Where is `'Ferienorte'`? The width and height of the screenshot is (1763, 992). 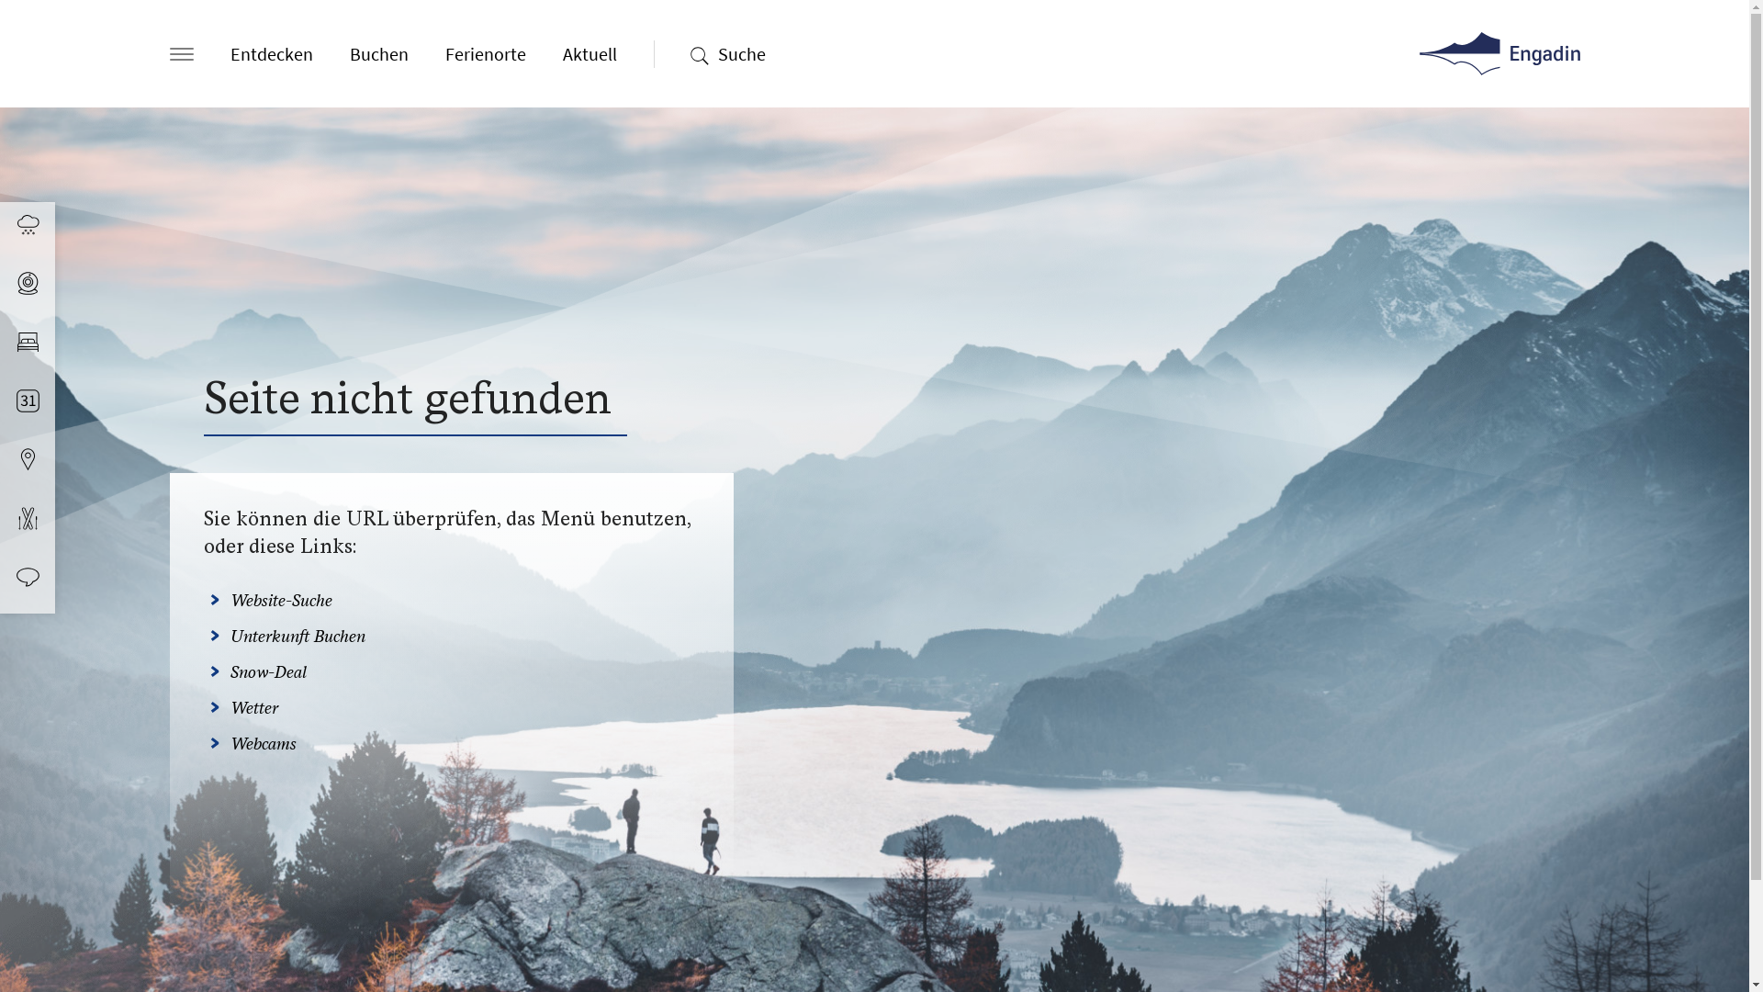 'Ferienorte' is located at coordinates (485, 52).